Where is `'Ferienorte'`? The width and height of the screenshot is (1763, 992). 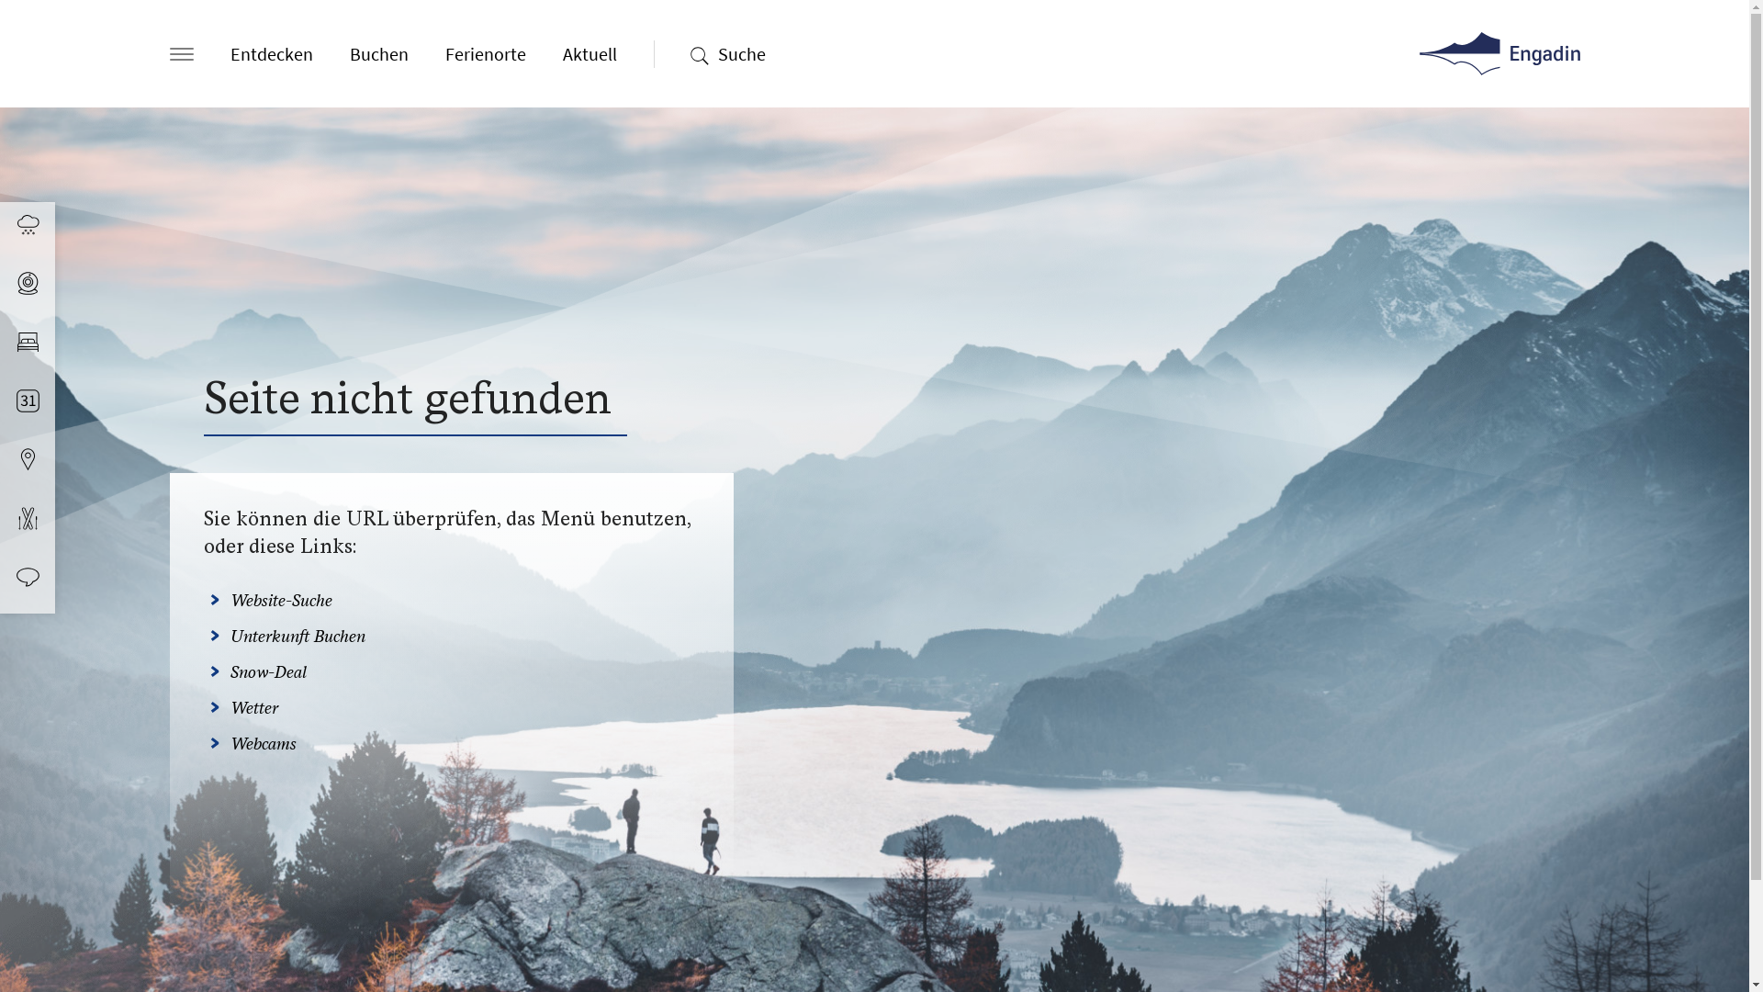 'Ferienorte' is located at coordinates (485, 52).